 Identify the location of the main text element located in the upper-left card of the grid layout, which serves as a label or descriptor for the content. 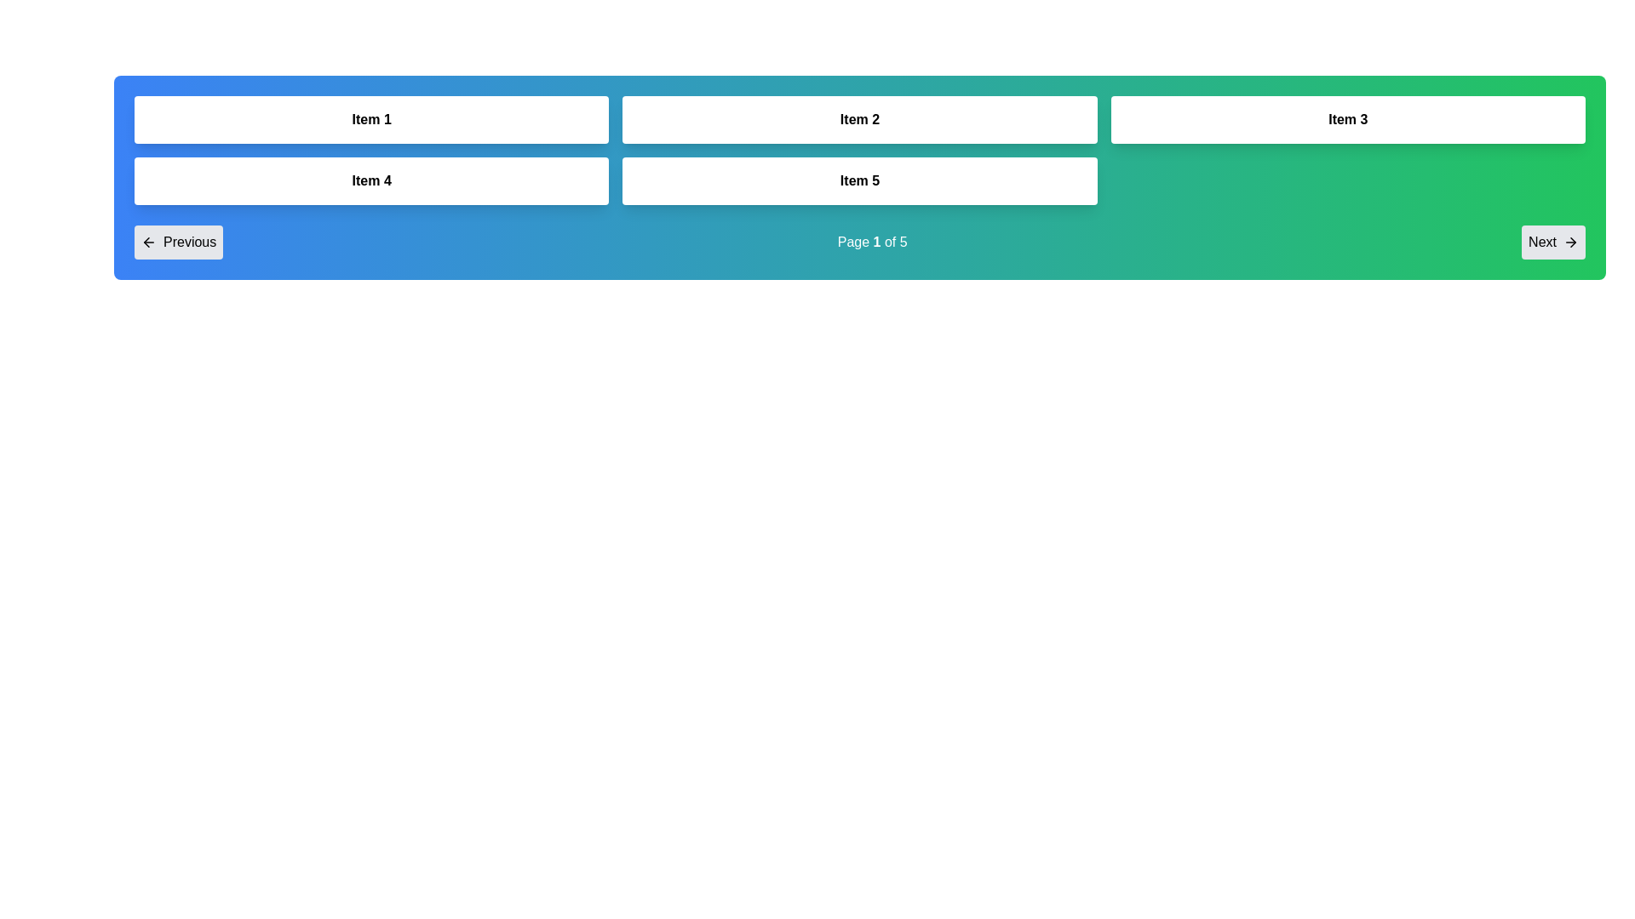
(370, 119).